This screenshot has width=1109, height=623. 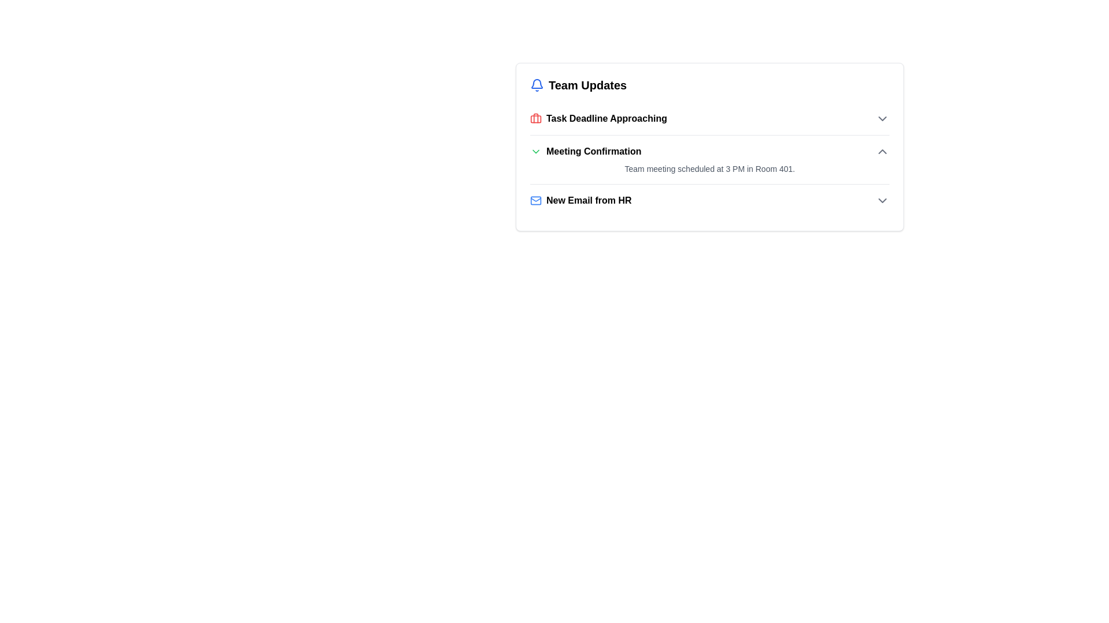 What do you see at coordinates (535, 118) in the screenshot?
I see `the red-colored briefcase icon located to the left of the text 'Task Deadline Approaching'` at bounding box center [535, 118].